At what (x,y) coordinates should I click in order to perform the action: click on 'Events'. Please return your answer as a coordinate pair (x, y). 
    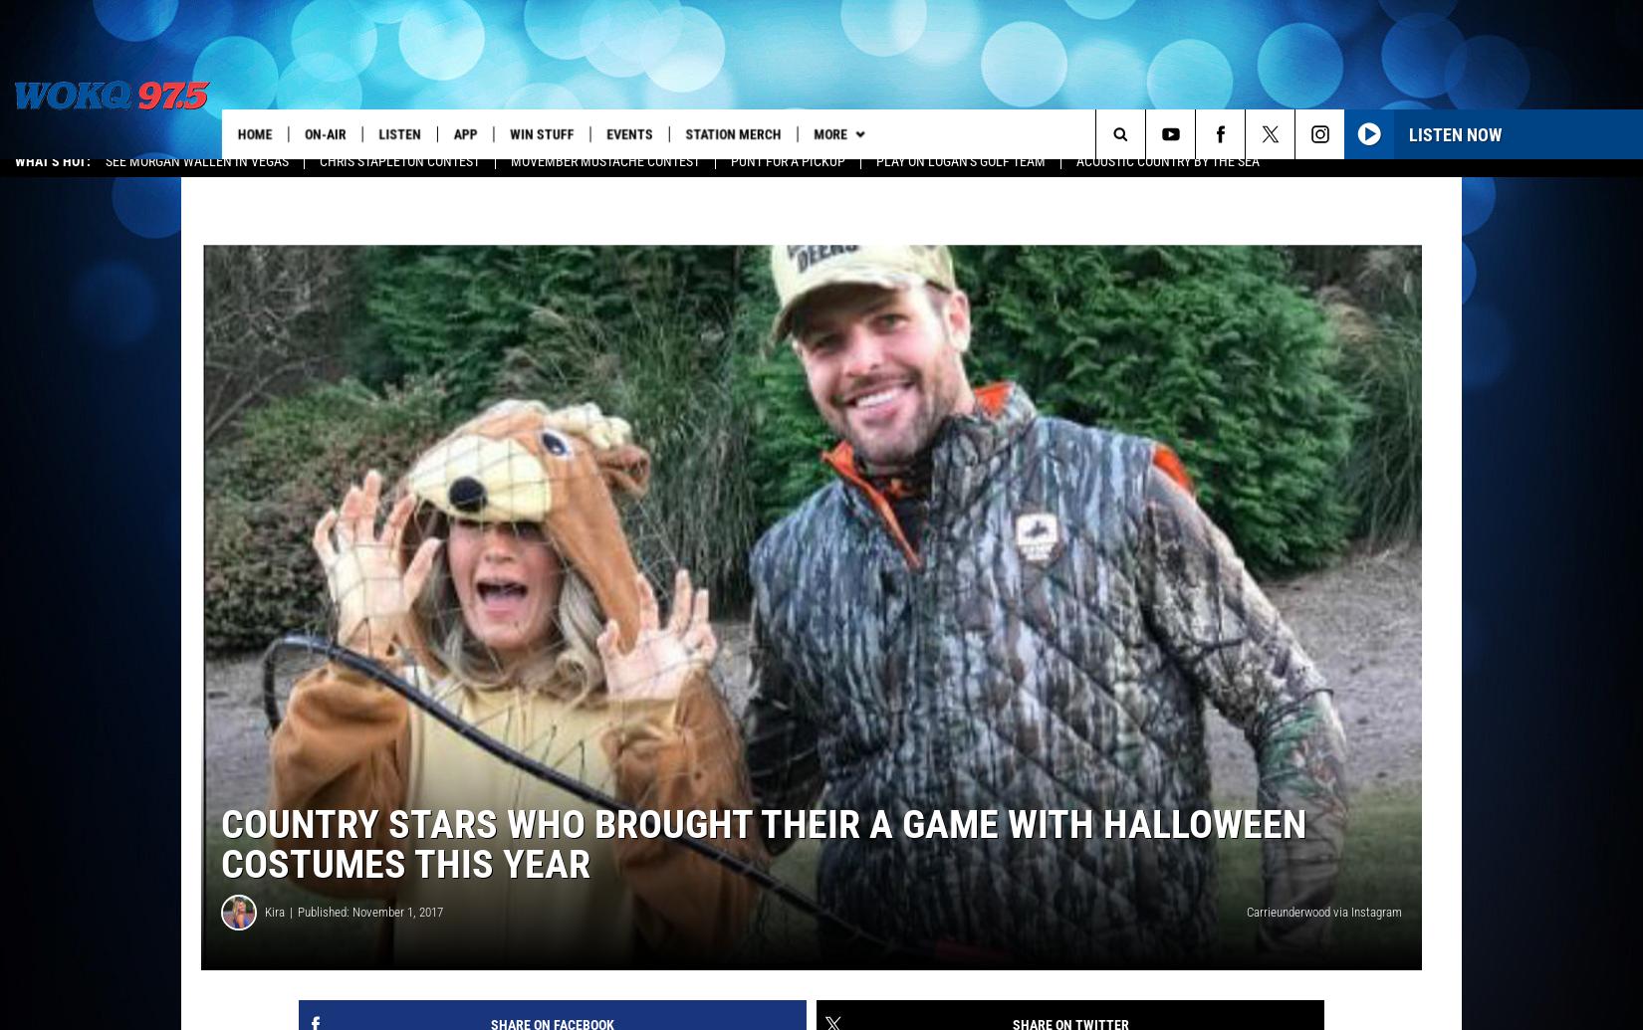
    Looking at the image, I should click on (635, 133).